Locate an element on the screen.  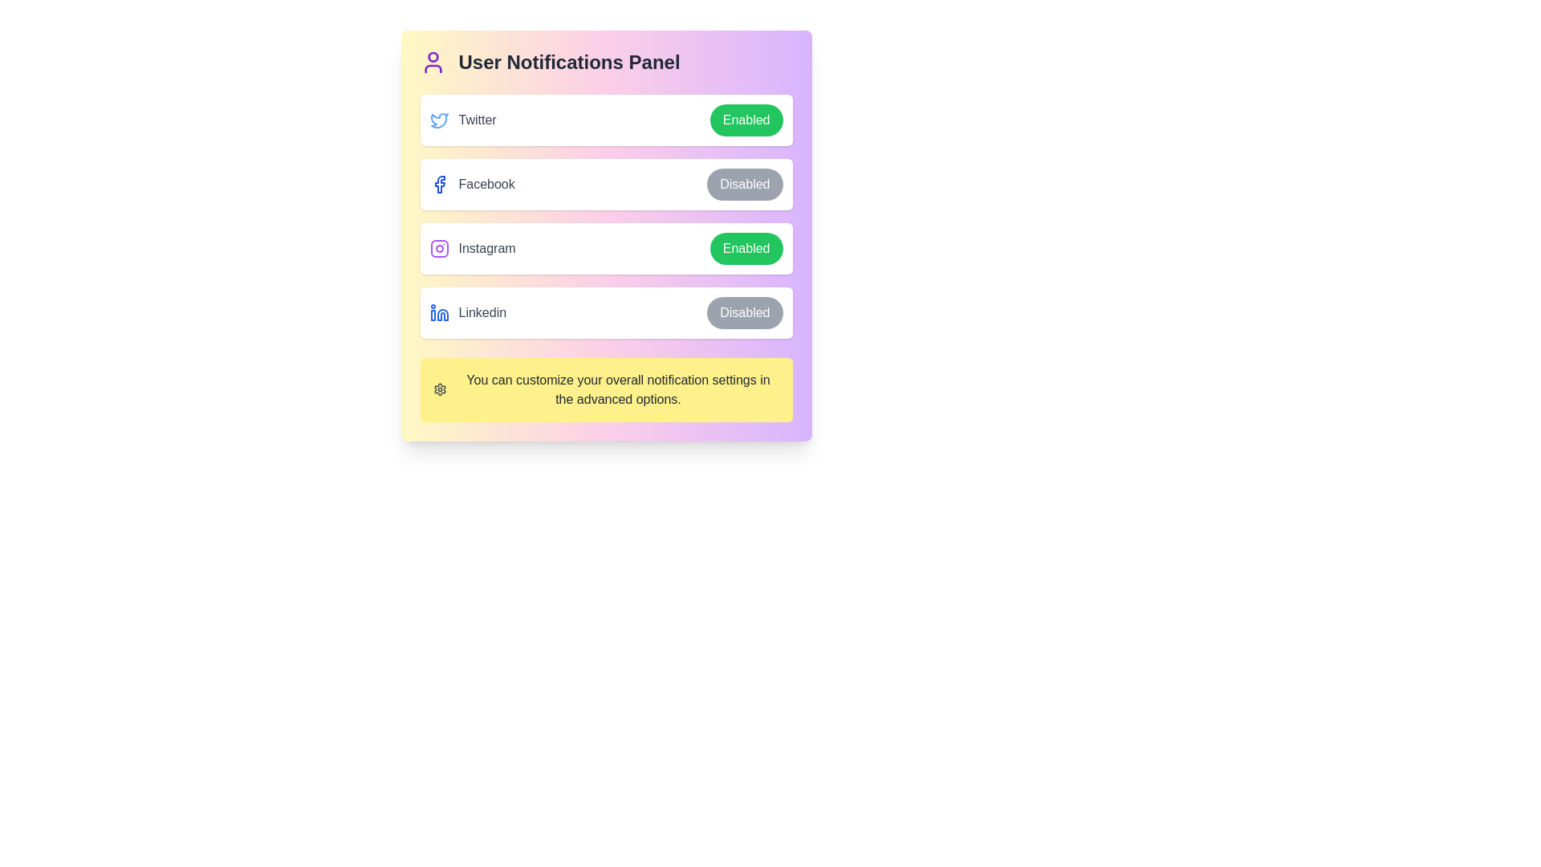
the 'Facebook' label with icon, which is the second element in a vertical list of notification options, featuring a blue Facebook icon and medium font text is located at coordinates (471, 184).